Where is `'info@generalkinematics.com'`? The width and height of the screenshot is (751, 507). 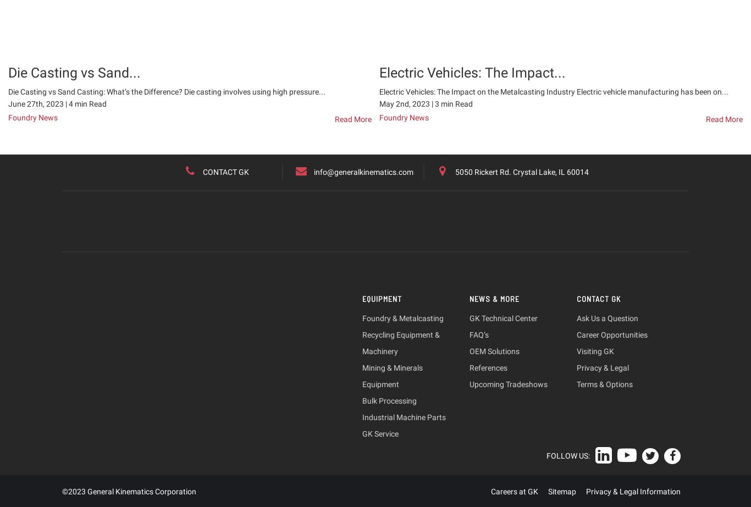
'info@generalkinematics.com' is located at coordinates (362, 171).